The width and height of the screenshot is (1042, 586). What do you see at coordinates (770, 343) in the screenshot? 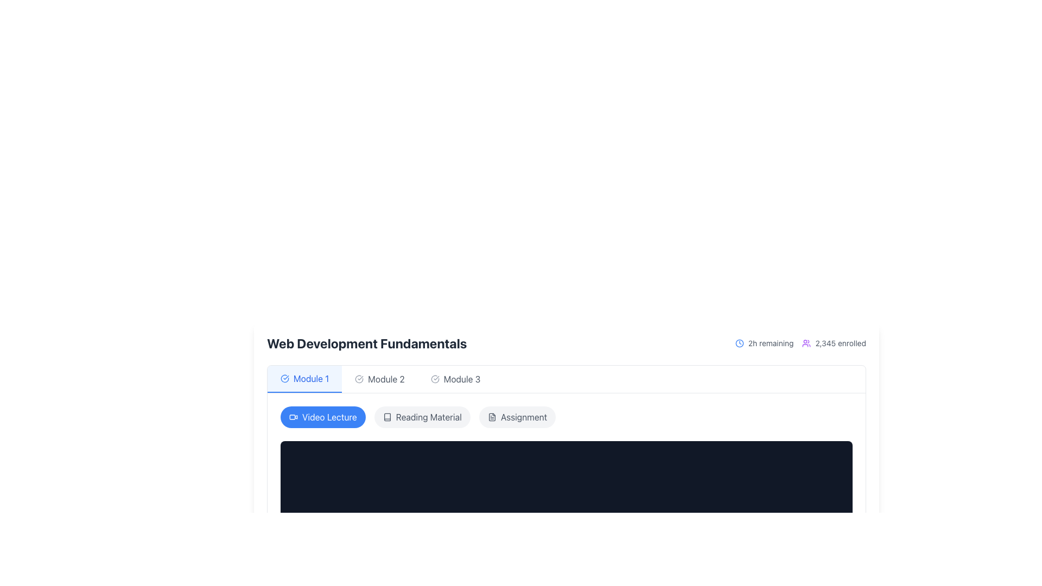
I see `static text label indicating the remaining duration to complete or access an event, located in the top-right portion of the module header, directly following a clock icon` at bounding box center [770, 343].